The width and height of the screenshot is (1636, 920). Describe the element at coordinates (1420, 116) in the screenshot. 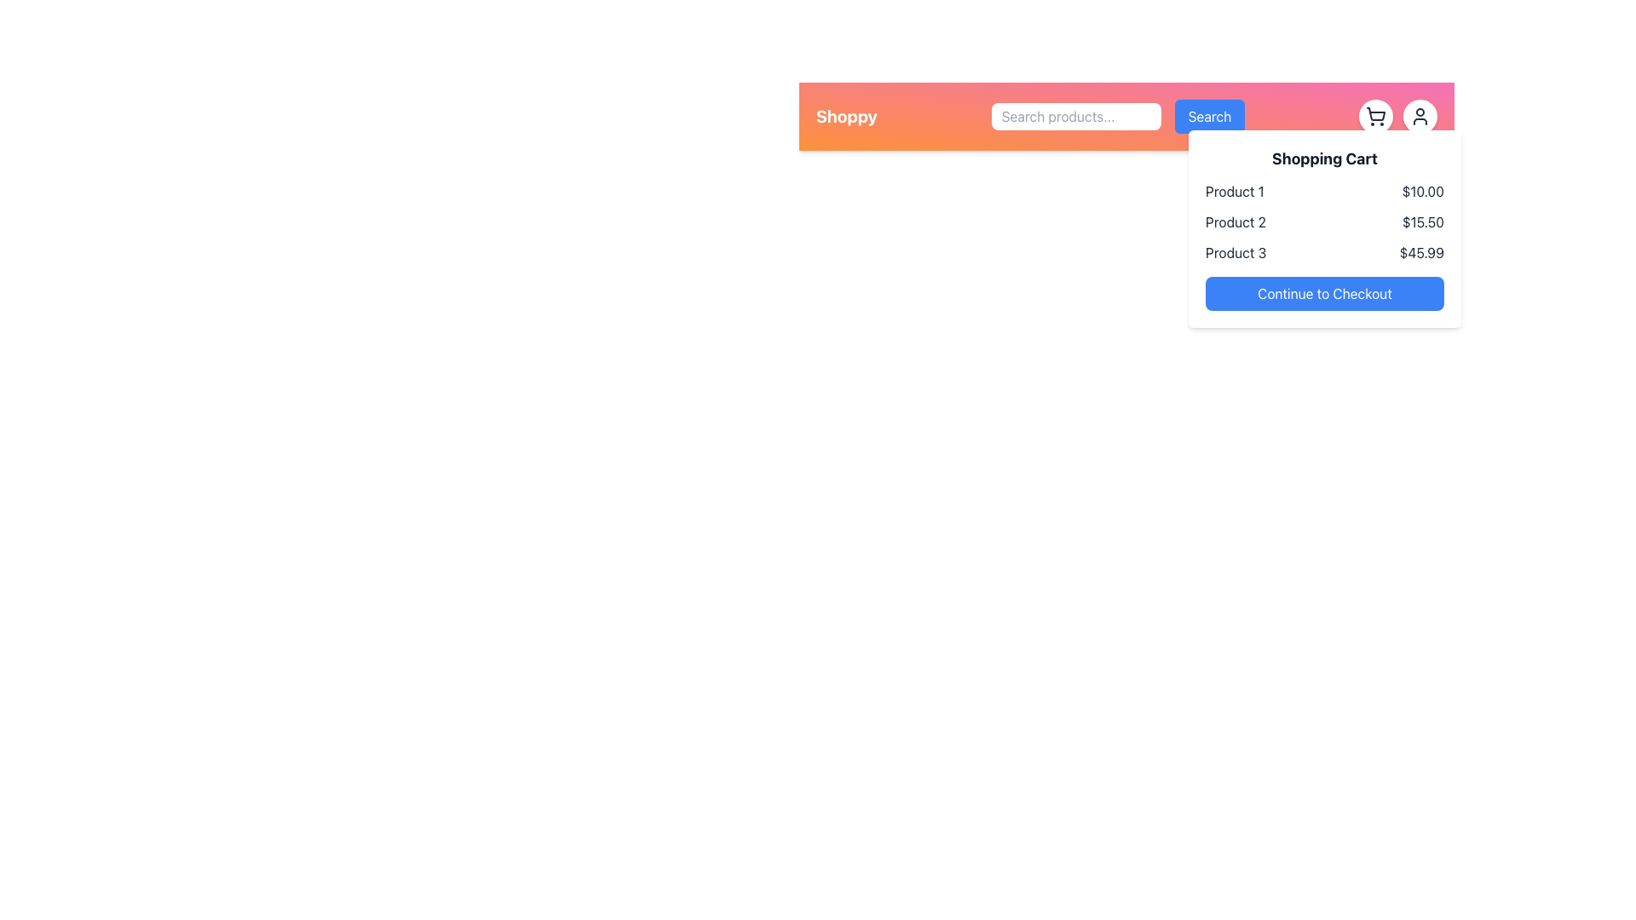

I see `the circular button with a white background and a black user silhouette icon located at the top-right corner of the application` at that location.